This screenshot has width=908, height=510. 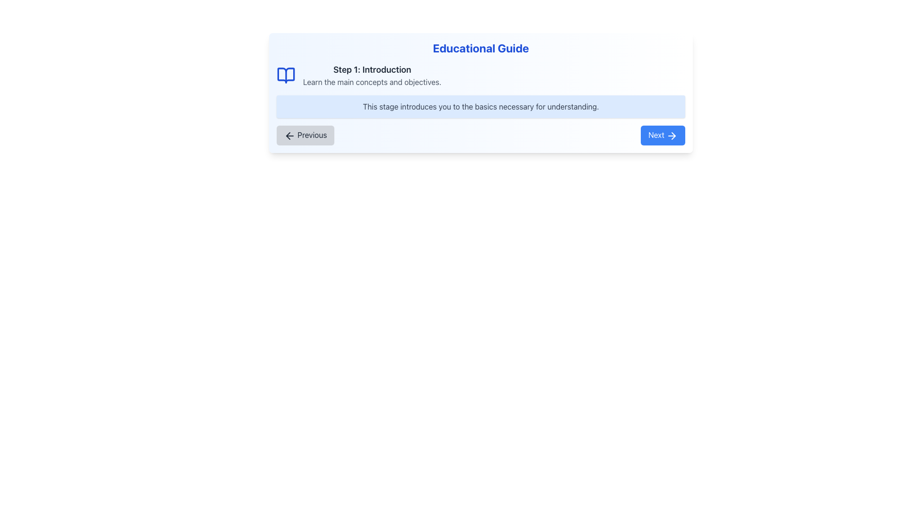 I want to click on the left-pointing arrow icon within the circular button located at the bottom left corner of the navigation bar, near the 'Previous' text, so click(x=288, y=136).